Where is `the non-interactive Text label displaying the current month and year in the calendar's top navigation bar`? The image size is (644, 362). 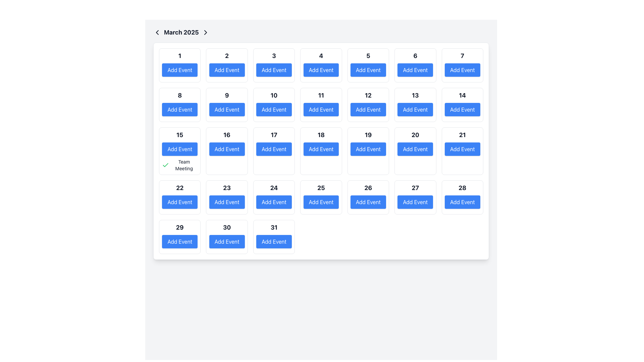 the non-interactive Text label displaying the current month and year in the calendar's top navigation bar is located at coordinates (181, 32).